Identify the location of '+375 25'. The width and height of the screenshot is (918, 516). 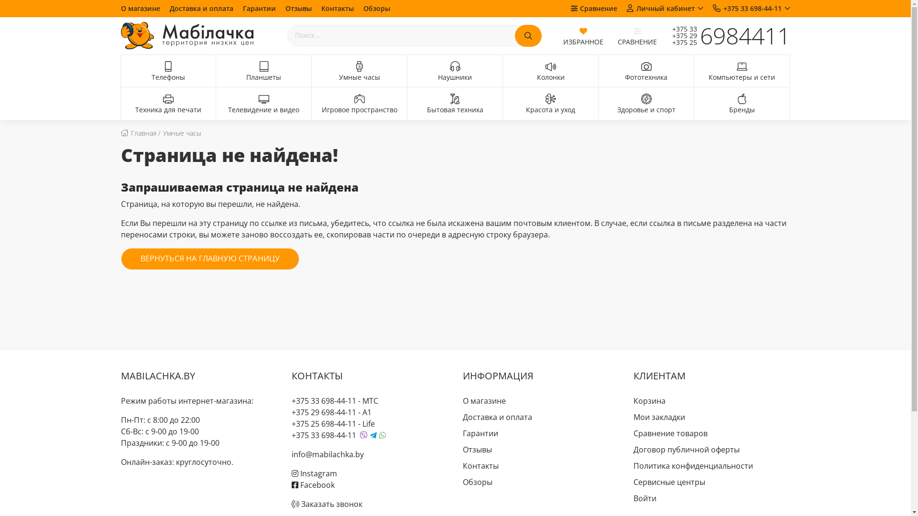
(679, 42).